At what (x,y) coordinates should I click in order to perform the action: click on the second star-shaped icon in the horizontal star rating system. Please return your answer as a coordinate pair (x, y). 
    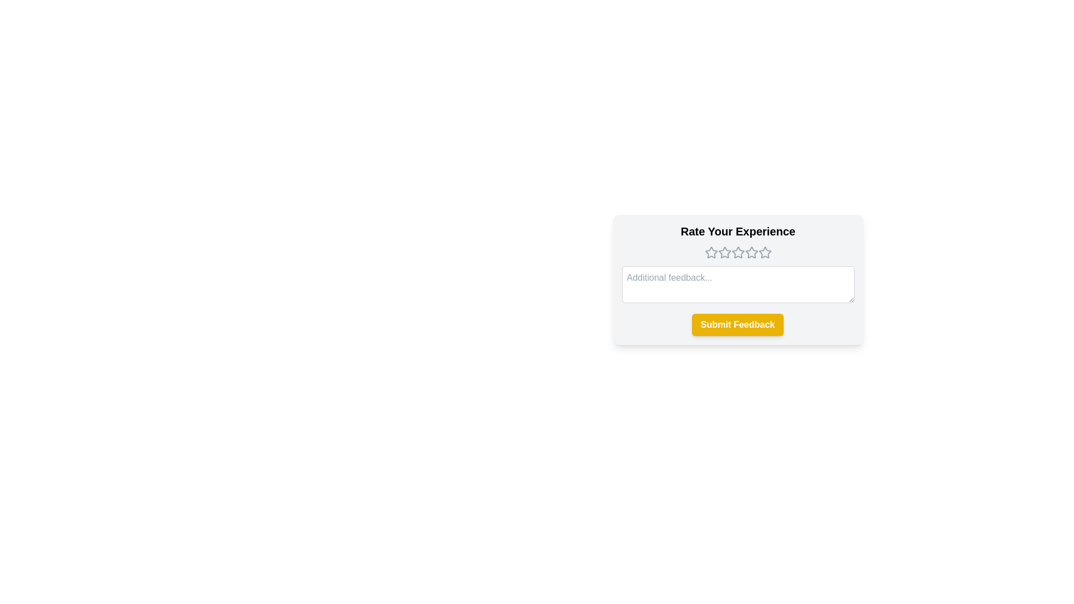
    Looking at the image, I should click on (724, 252).